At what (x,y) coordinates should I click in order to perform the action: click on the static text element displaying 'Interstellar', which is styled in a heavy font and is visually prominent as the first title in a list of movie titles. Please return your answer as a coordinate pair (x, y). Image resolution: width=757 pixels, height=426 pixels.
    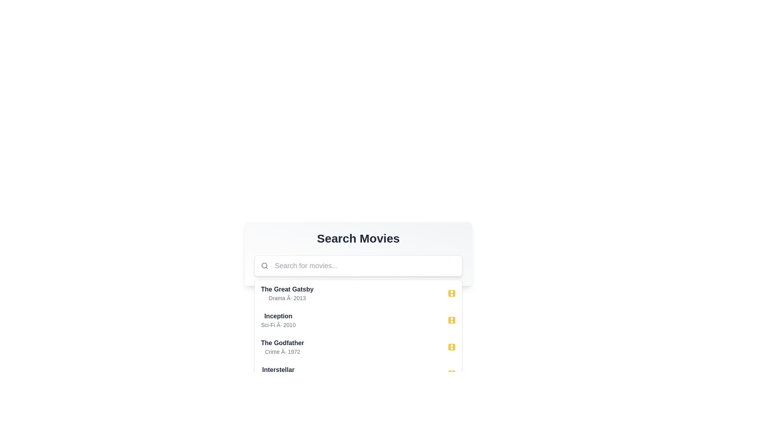
    Looking at the image, I should click on (278, 370).